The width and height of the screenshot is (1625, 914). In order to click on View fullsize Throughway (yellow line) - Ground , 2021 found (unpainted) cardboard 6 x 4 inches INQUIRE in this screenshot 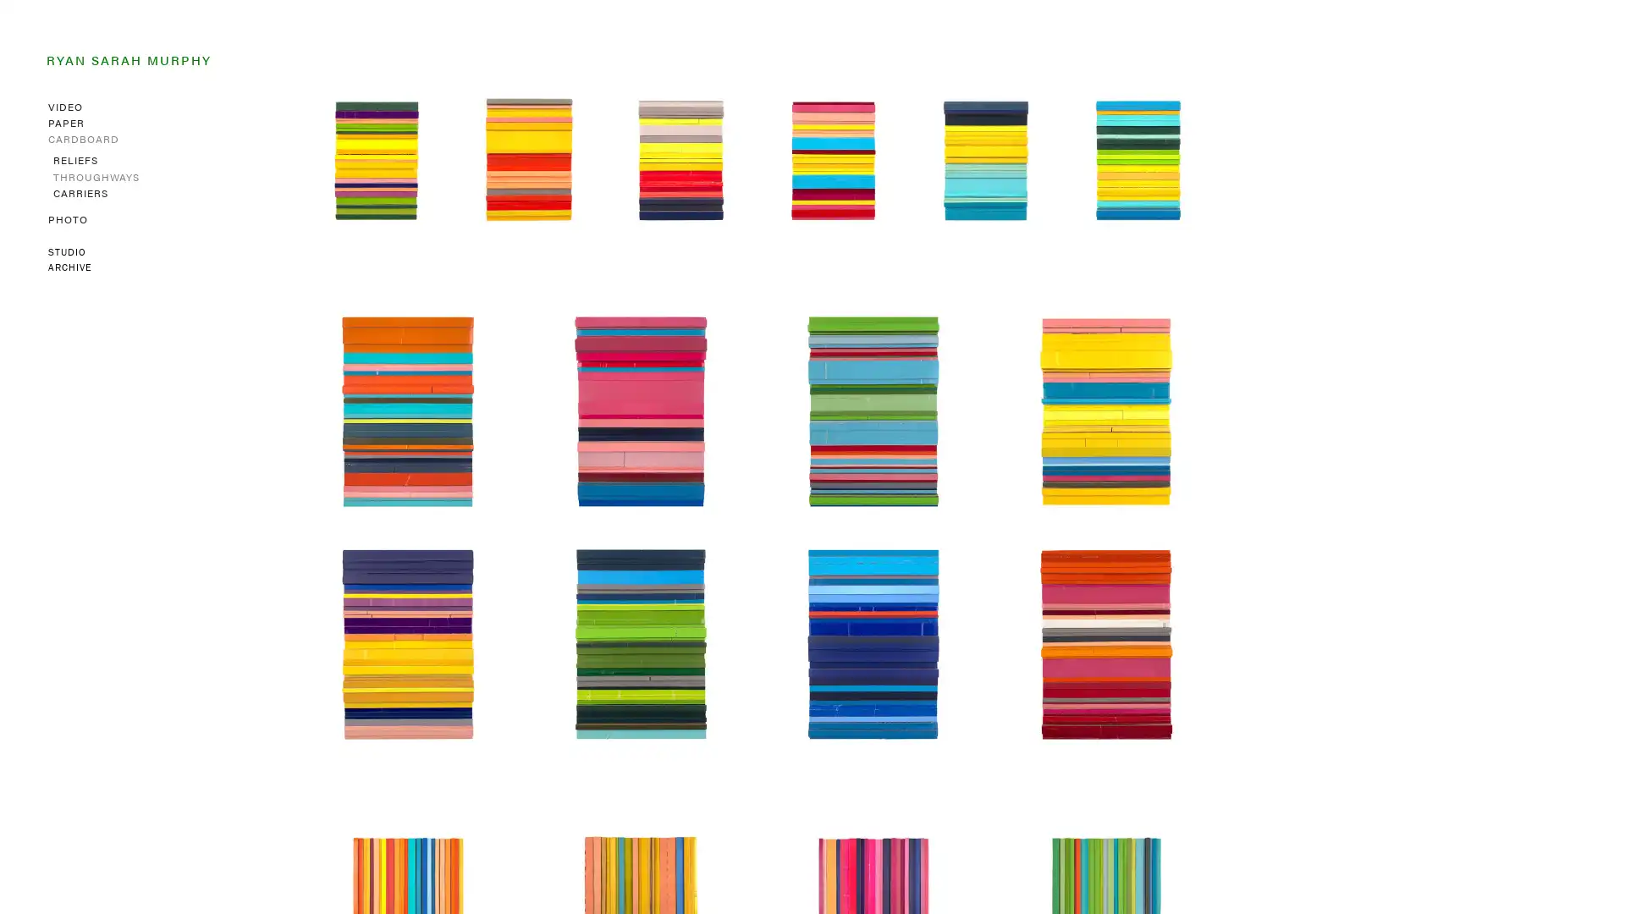, I will do `click(376, 160)`.